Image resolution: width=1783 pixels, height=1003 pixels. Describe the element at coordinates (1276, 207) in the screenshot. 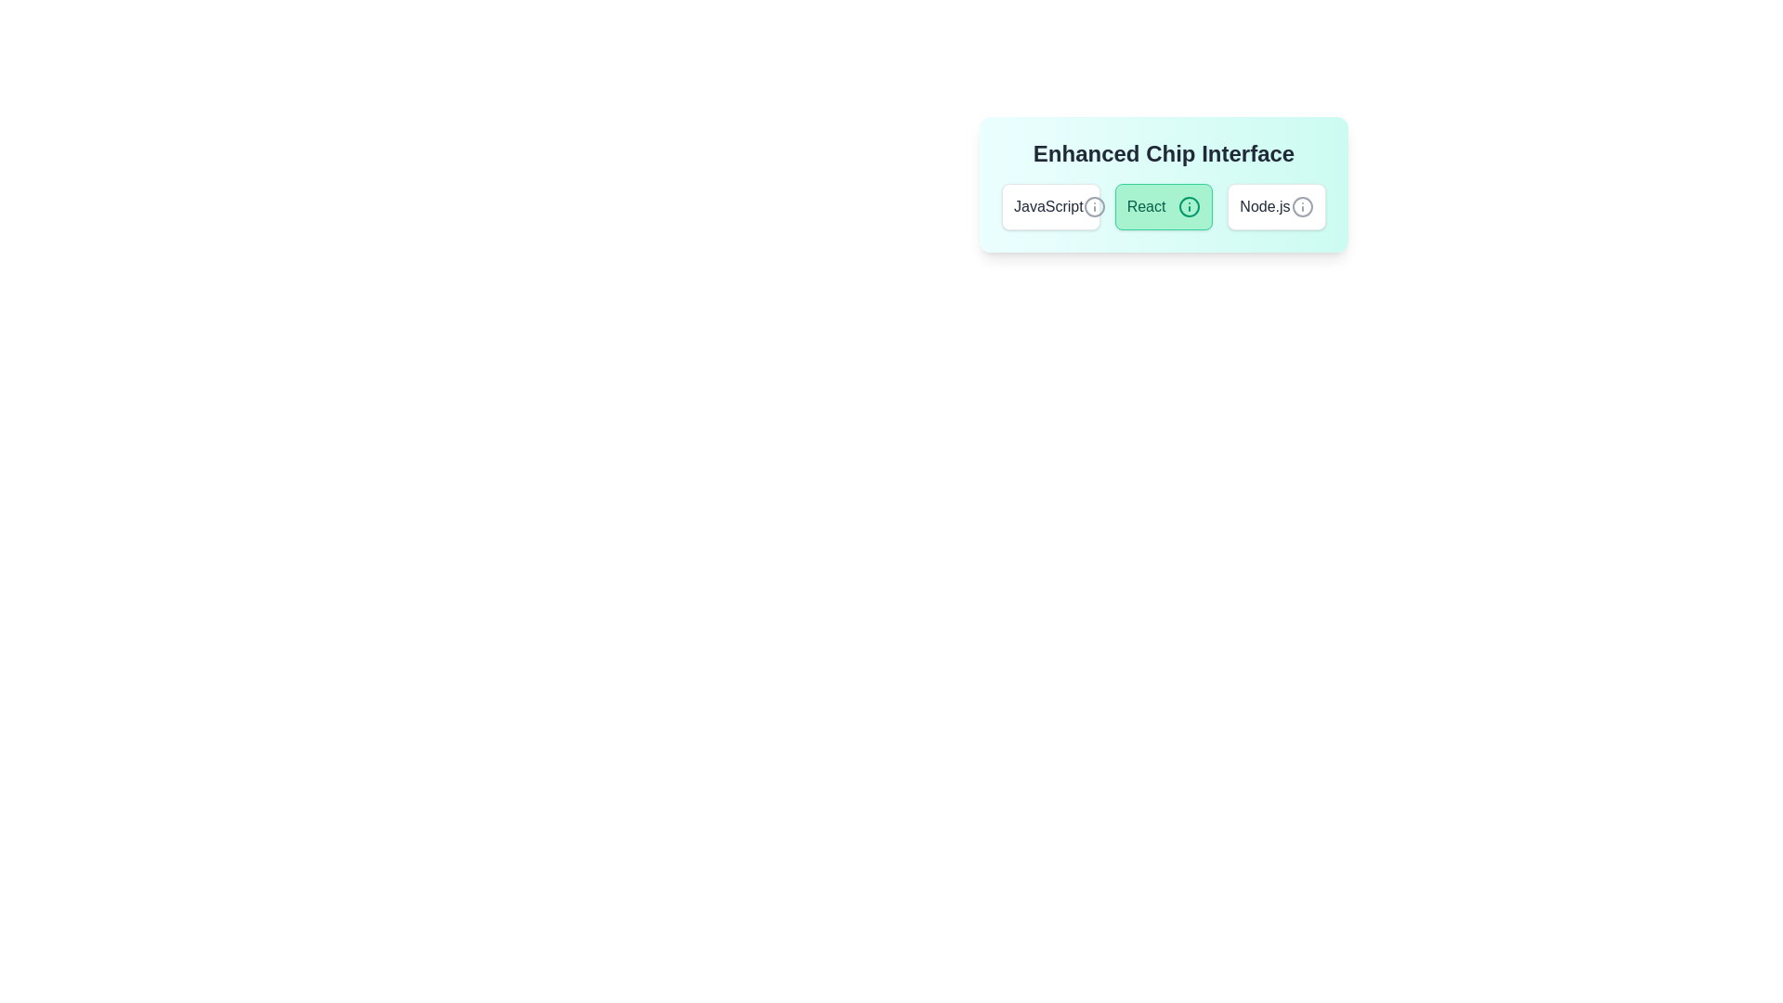

I see `the chip labeled Node.js` at that location.